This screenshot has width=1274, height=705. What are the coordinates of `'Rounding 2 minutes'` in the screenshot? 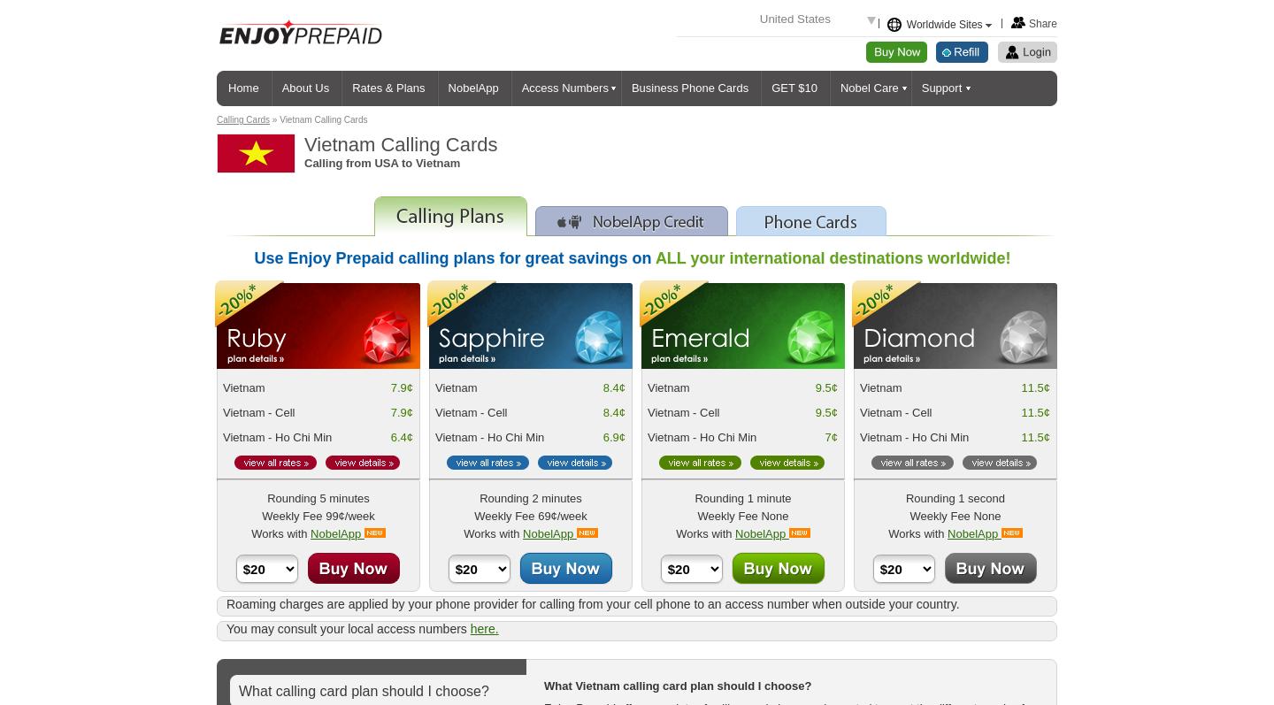 It's located at (530, 497).